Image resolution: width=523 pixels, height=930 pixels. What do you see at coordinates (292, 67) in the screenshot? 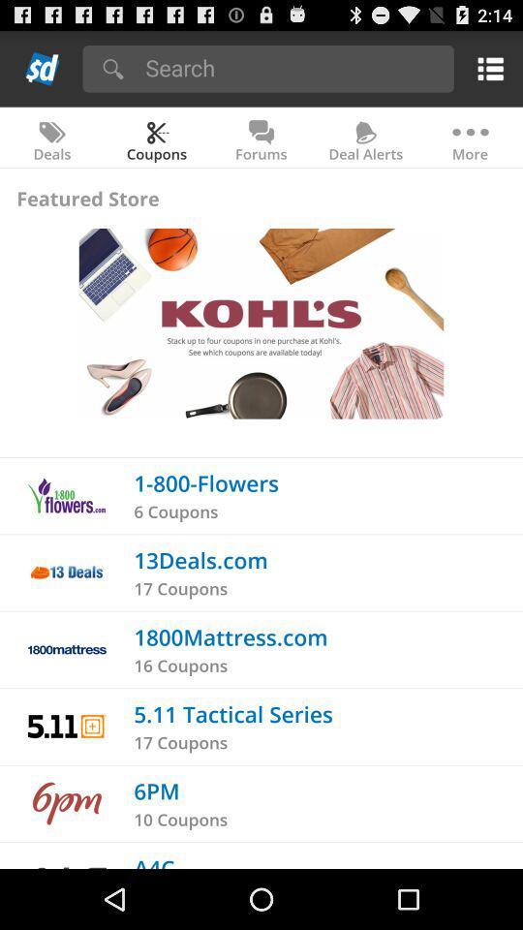
I see `search bar` at bounding box center [292, 67].